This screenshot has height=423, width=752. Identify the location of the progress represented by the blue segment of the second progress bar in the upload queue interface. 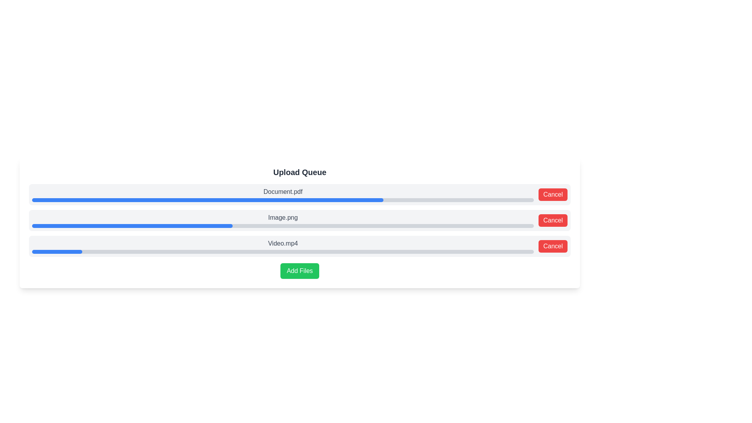
(132, 226).